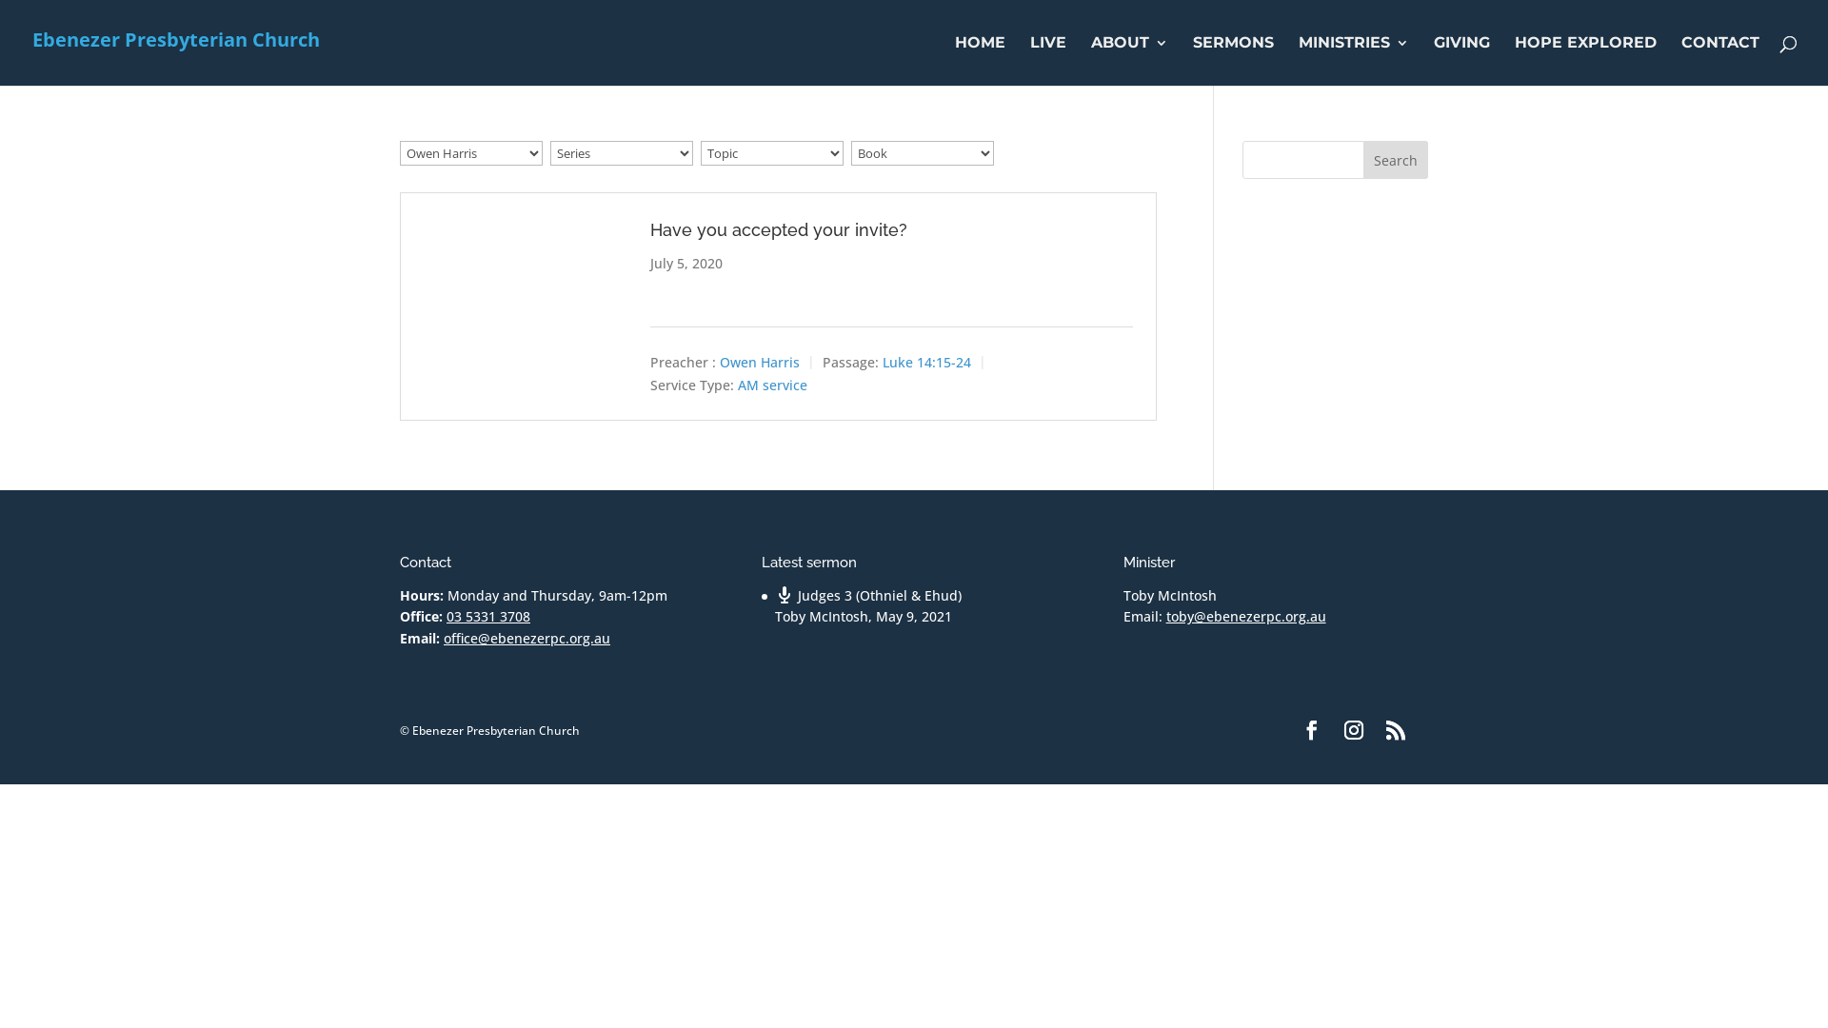 The image size is (1828, 1028). Describe the element at coordinates (488, 616) in the screenshot. I see `'03 5331 3708'` at that location.